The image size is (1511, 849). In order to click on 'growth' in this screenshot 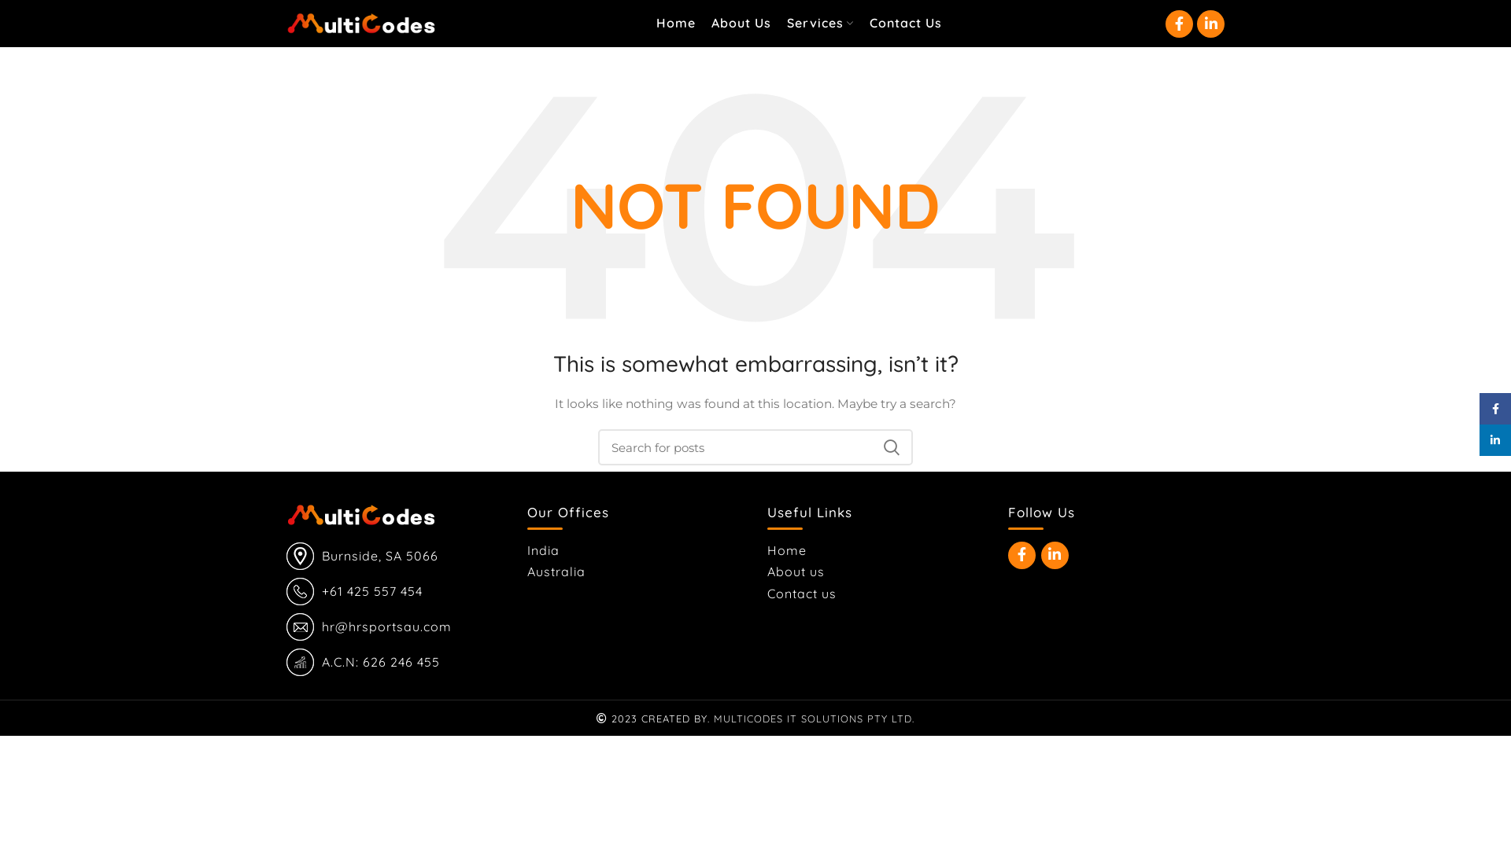, I will do `click(286, 662)`.